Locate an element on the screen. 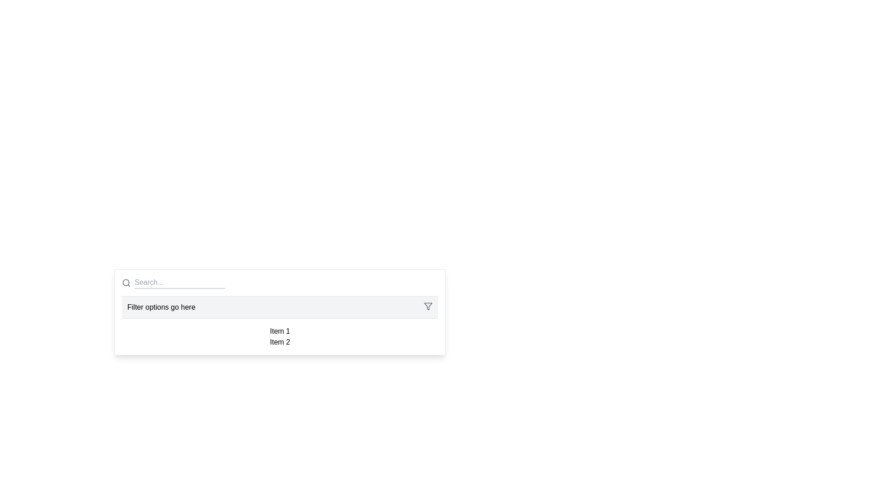 The height and width of the screenshot is (489, 870). the 'Item 2' text label in the dropdown menu is located at coordinates (280, 342).